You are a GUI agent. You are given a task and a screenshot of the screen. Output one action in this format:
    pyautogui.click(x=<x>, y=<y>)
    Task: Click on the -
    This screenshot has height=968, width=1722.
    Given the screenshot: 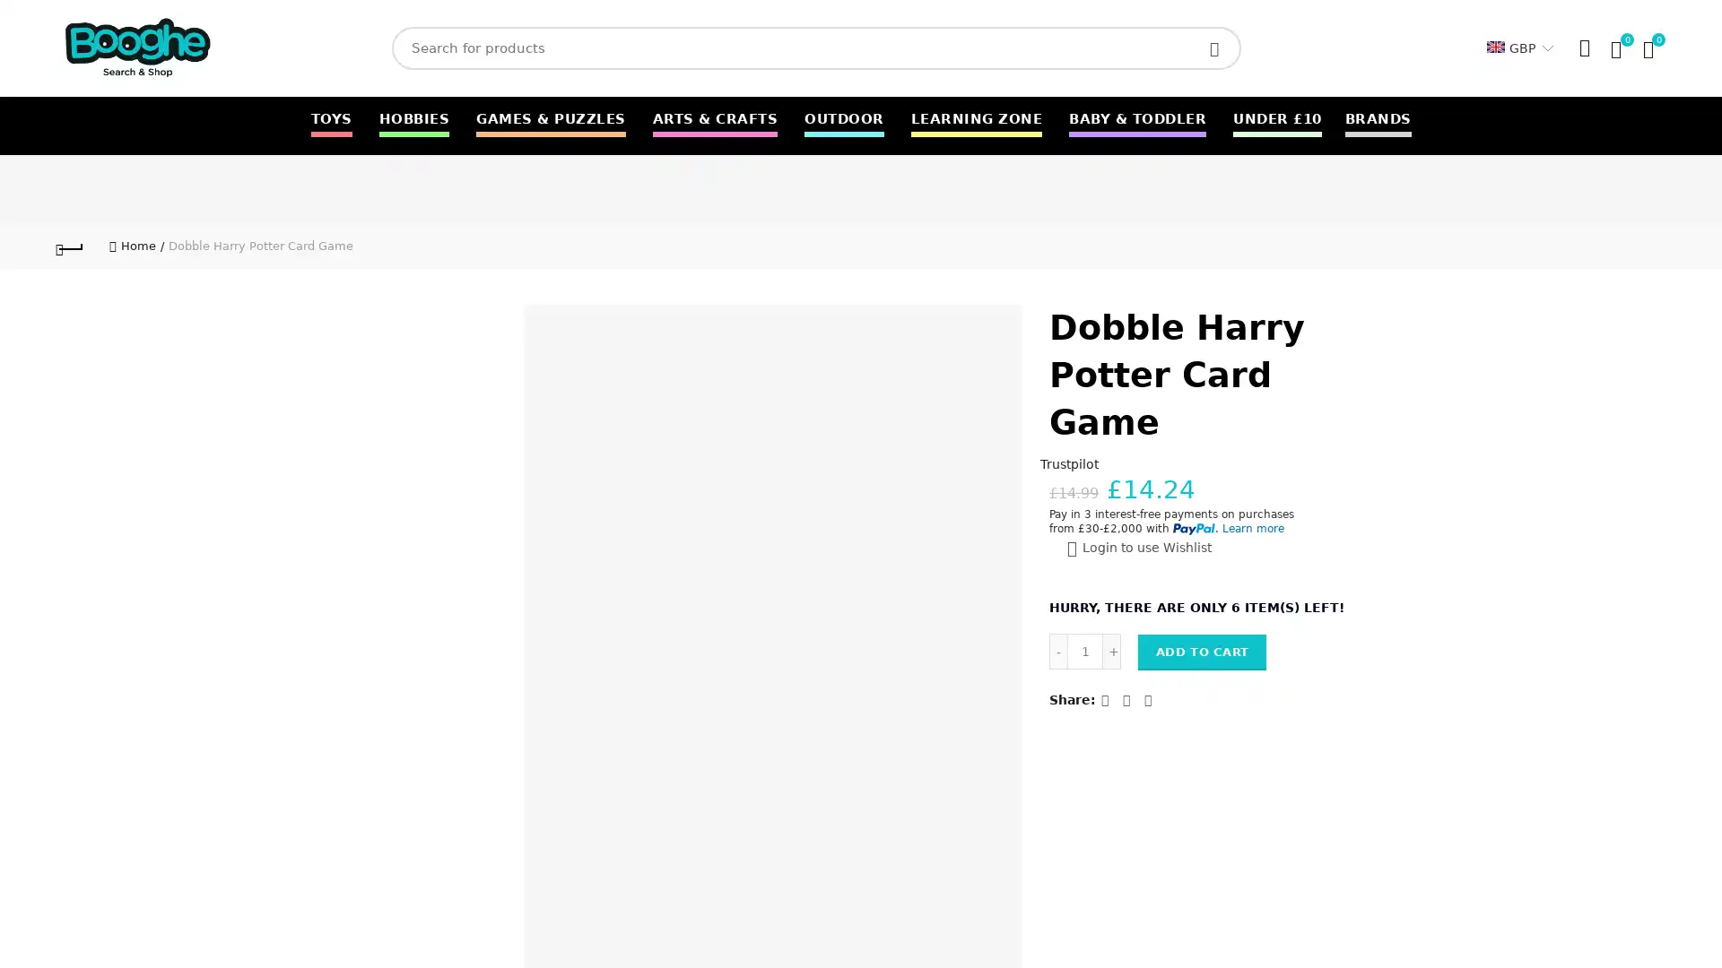 What is the action you would take?
    pyautogui.click(x=1058, y=650)
    